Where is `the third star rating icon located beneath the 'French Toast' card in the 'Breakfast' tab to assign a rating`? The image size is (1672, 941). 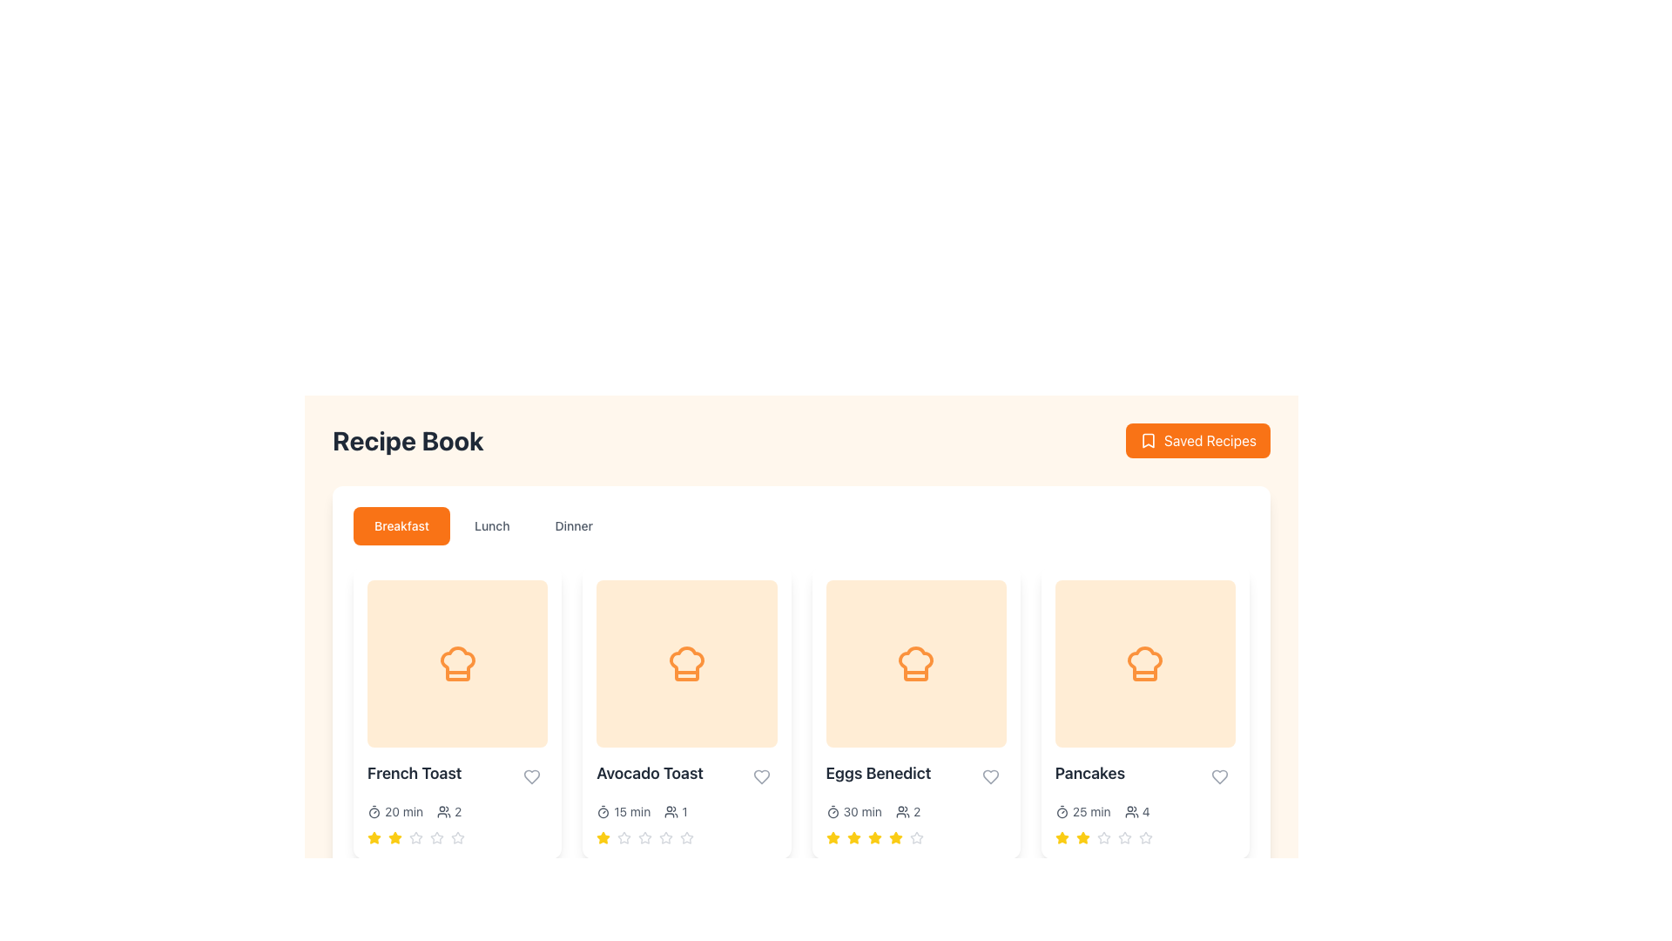
the third star rating icon located beneath the 'French Toast' card in the 'Breakfast' tab to assign a rating is located at coordinates (415, 836).